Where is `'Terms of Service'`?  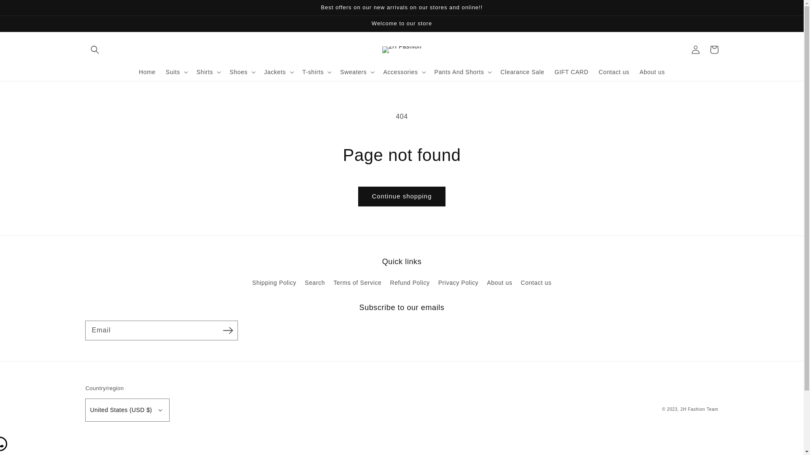
'Terms of Service' is located at coordinates (358, 283).